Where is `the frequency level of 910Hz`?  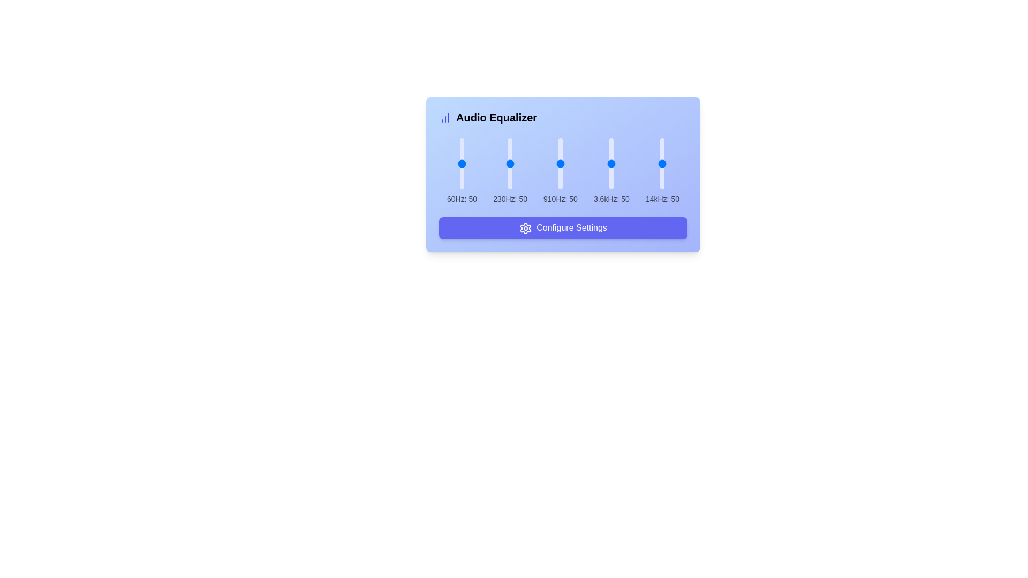
the frequency level of 910Hz is located at coordinates (560, 139).